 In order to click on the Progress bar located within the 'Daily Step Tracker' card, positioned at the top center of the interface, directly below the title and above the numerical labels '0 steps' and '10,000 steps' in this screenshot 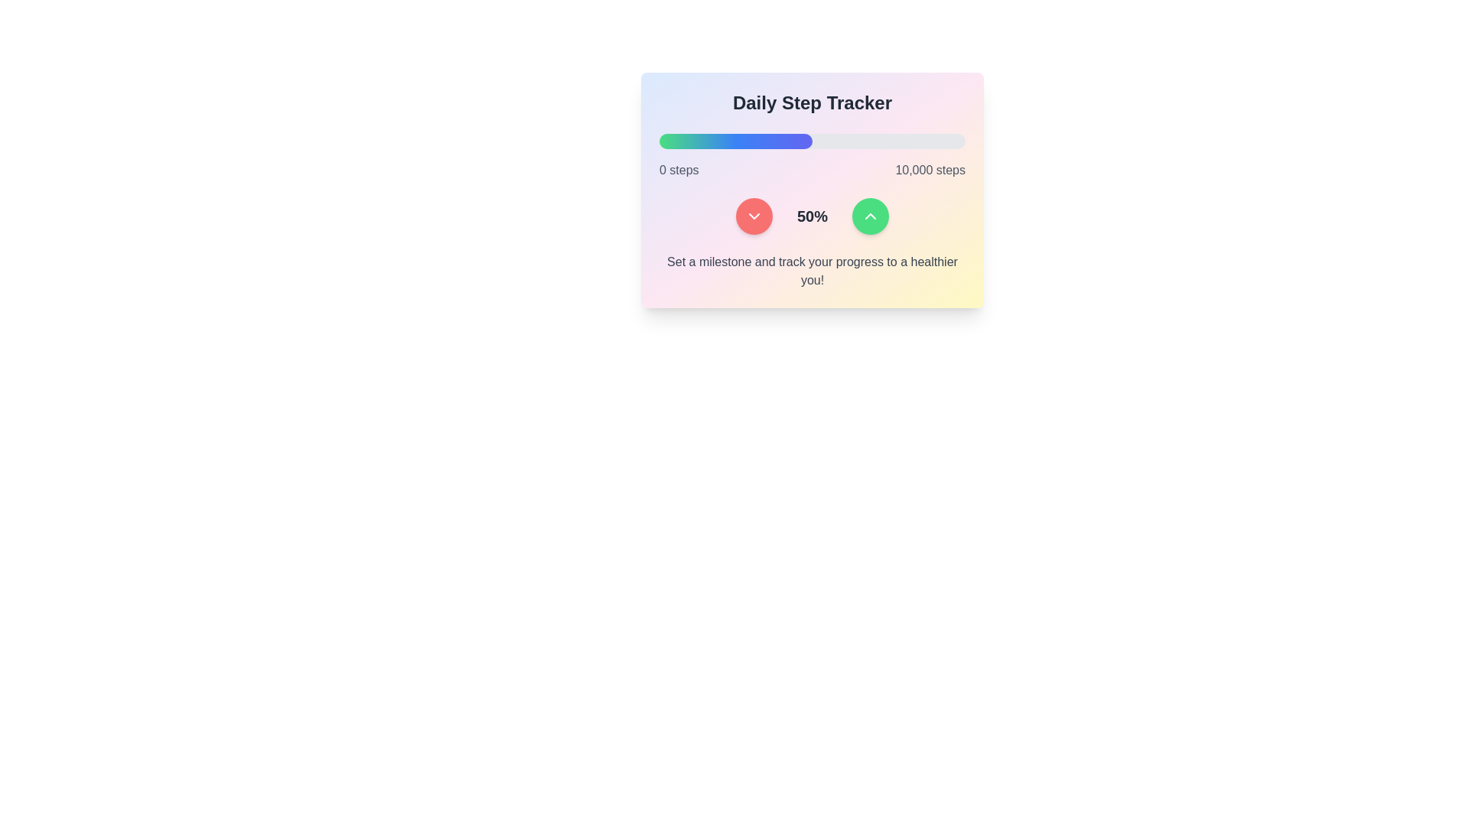, I will do `click(811, 141)`.